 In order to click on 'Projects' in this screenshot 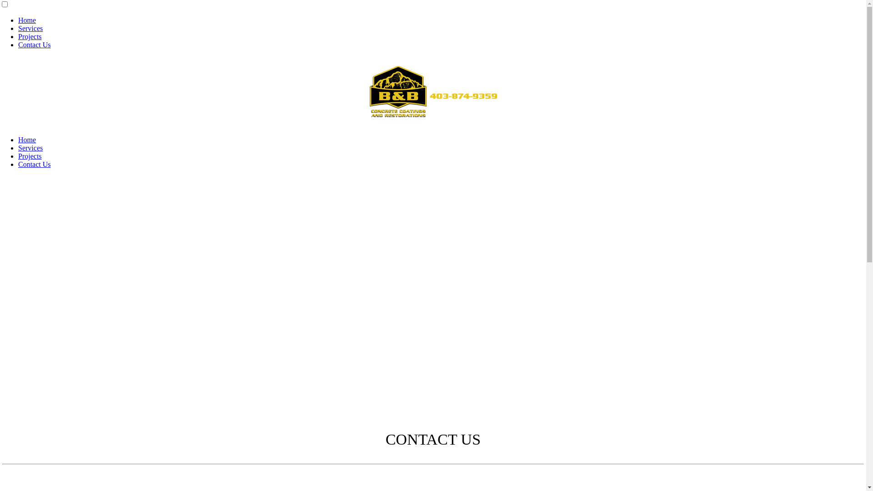, I will do `click(30, 36)`.